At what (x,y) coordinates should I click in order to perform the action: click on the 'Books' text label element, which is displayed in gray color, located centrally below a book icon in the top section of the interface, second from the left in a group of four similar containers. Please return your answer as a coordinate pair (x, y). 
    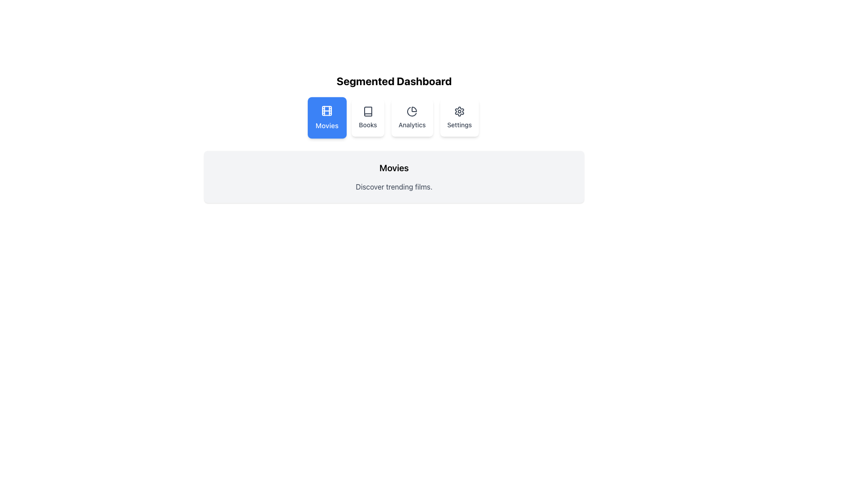
    Looking at the image, I should click on (368, 125).